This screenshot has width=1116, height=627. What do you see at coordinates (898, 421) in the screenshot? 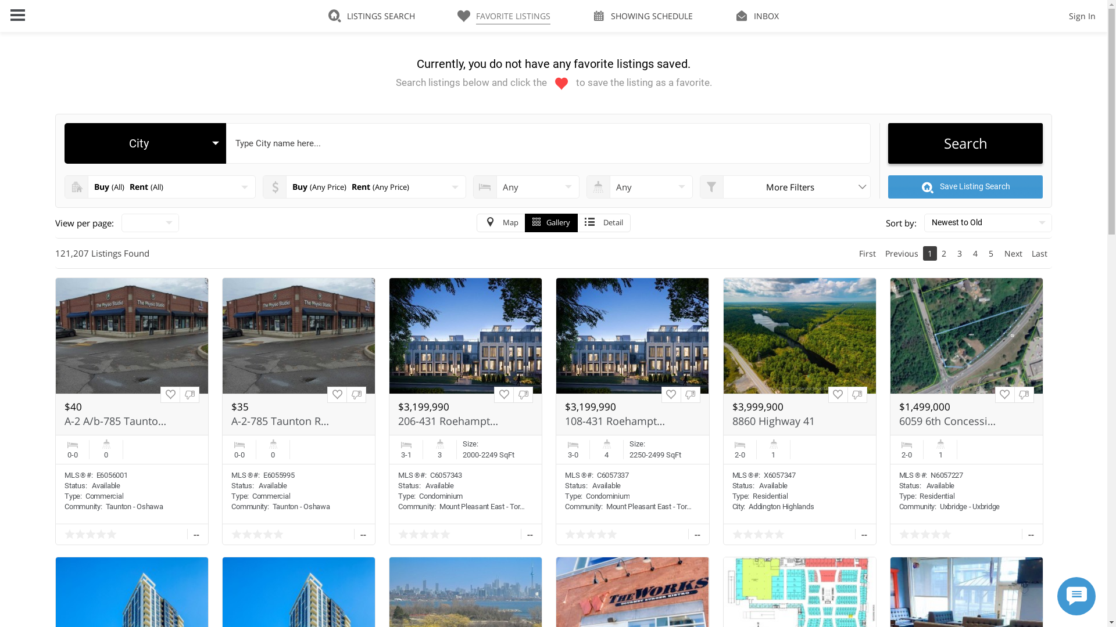
I see `'6059 6th Concession Rd'` at bounding box center [898, 421].